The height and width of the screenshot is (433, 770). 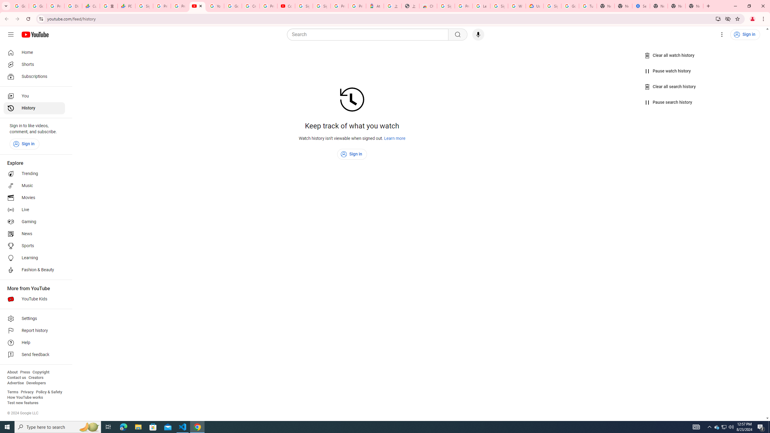 I want to click on 'Clear all search history', so click(x=670, y=86).